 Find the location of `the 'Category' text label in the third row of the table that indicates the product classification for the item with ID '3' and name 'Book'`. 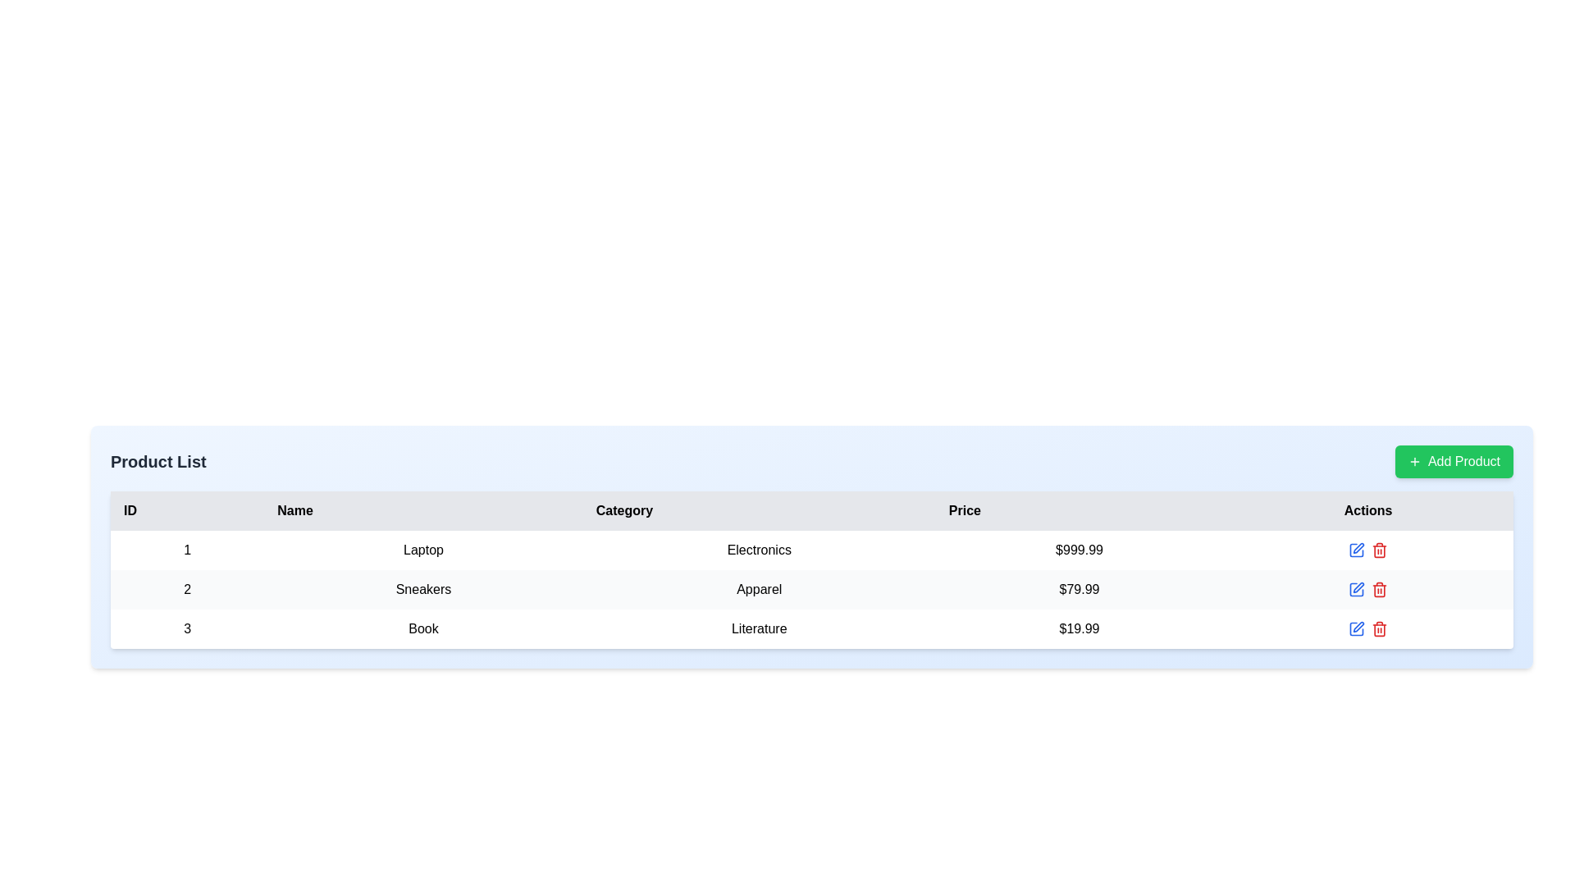

the 'Category' text label in the third row of the table that indicates the product classification for the item with ID '3' and name 'Book' is located at coordinates (758, 628).